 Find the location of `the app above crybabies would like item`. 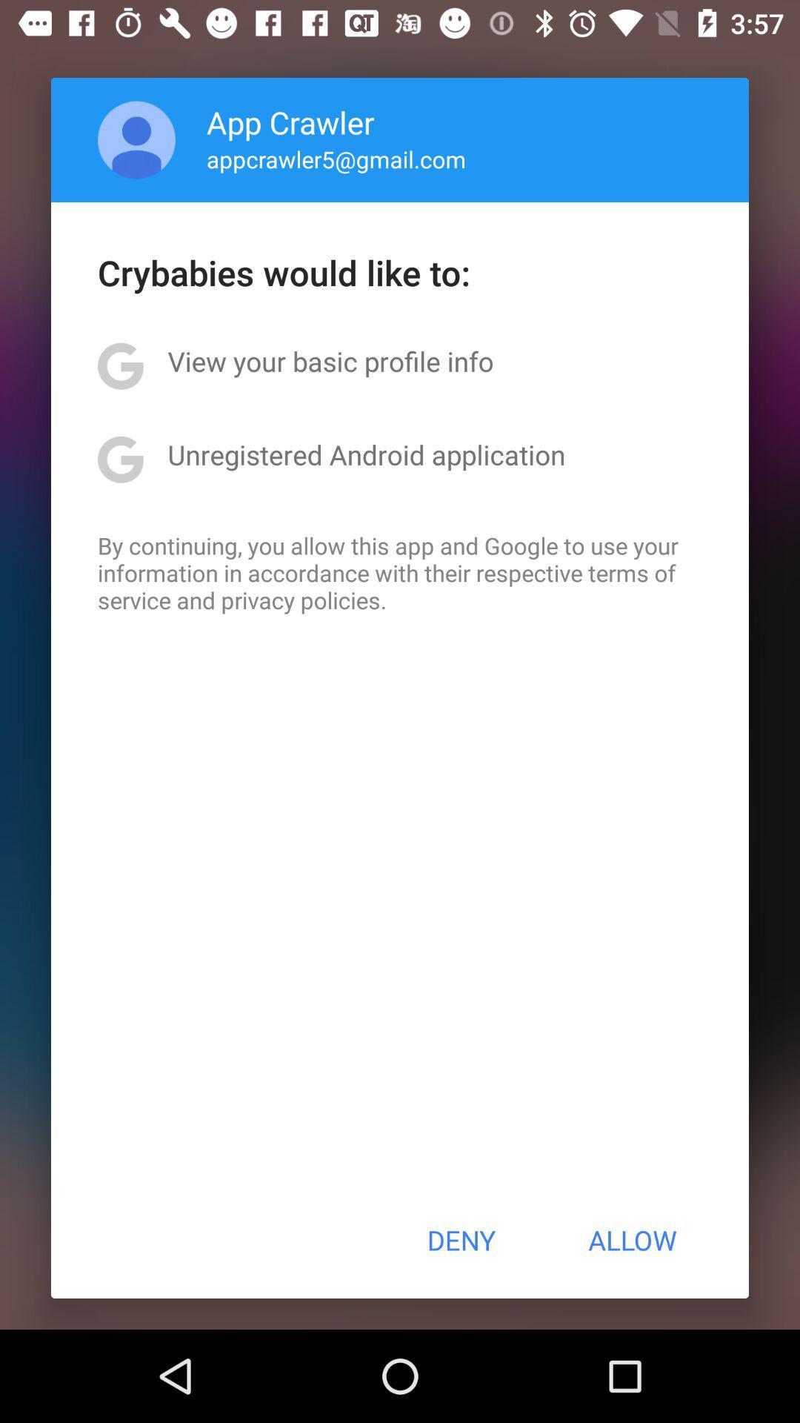

the app above crybabies would like item is located at coordinates (336, 159).